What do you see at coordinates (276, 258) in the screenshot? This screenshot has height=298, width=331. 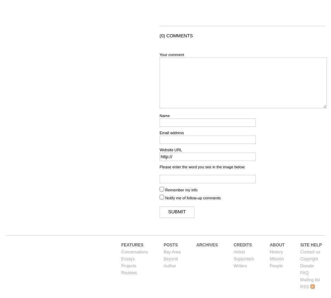 I see `'Mission'` at bounding box center [276, 258].